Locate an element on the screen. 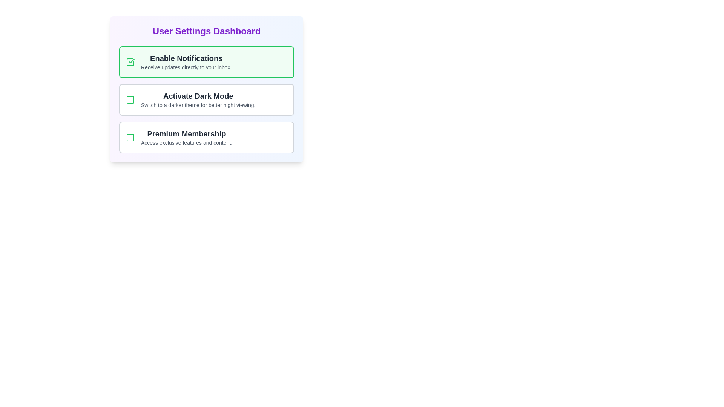 This screenshot has height=407, width=724. the 'Premium Membership' toggleable item in the settings dashboard is located at coordinates (206, 138).